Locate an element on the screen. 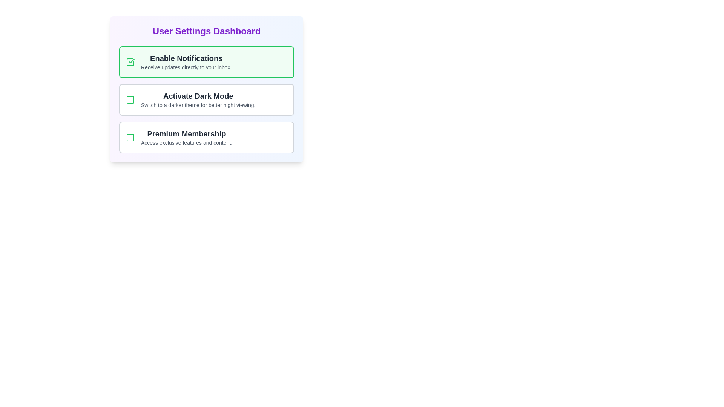 This screenshot has height=407, width=724. the 'Premium Membership' toggleable item in the settings dashboard is located at coordinates (206, 138).